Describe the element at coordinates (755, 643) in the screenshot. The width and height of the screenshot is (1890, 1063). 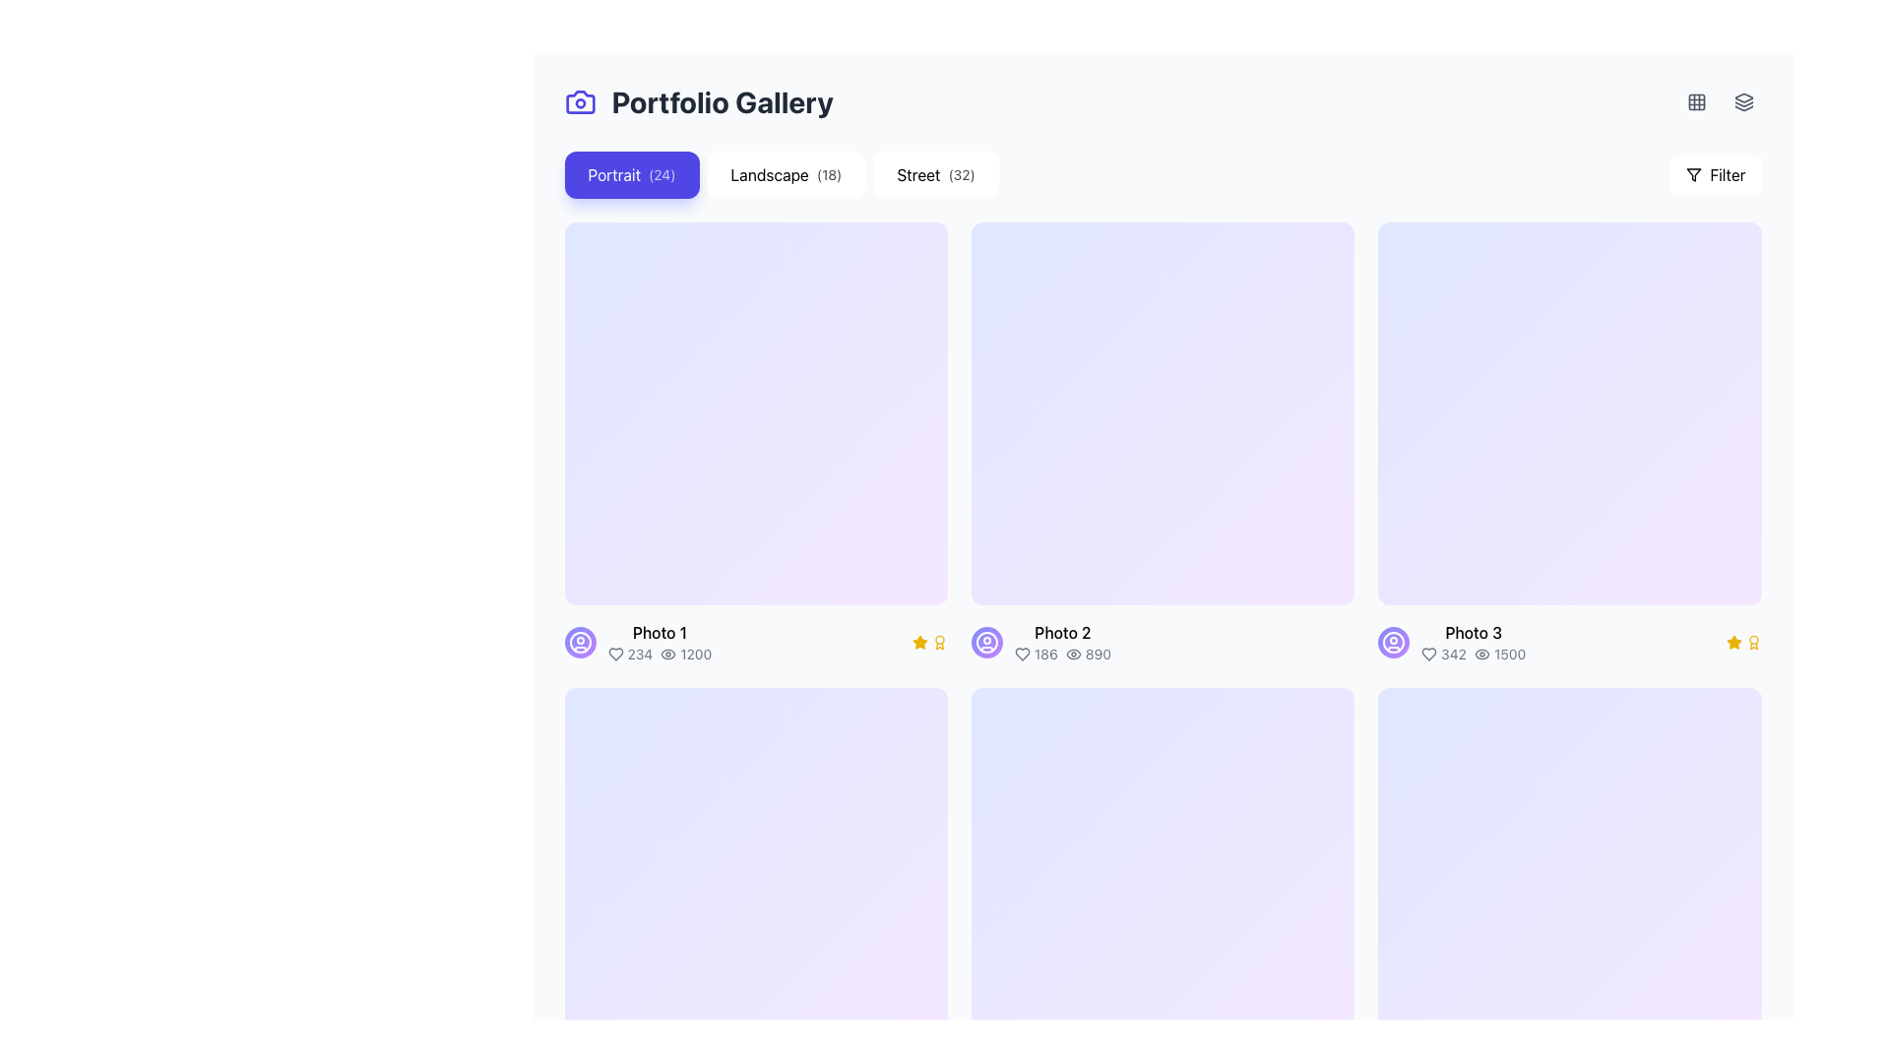
I see `the Information bar with metadata and action icons containing the title 'Photo 1' and action icons for reordering` at that location.